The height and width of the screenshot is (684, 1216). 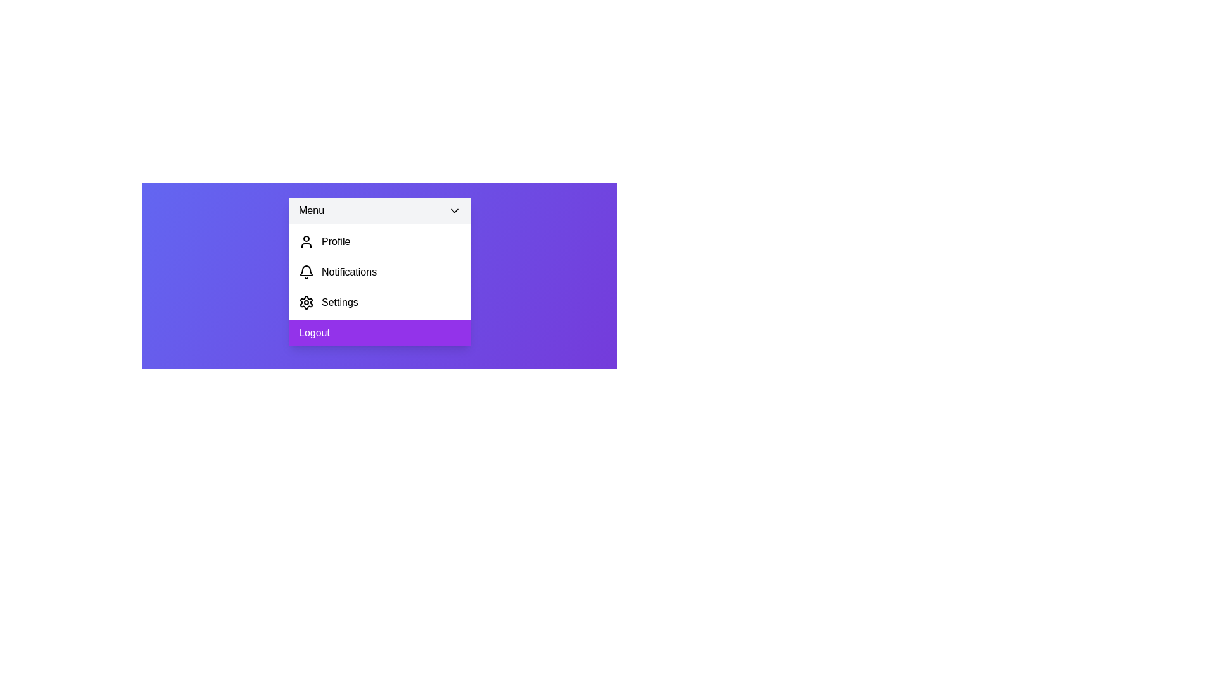 I want to click on the menu button to toggle the menu's visibility, so click(x=379, y=210).